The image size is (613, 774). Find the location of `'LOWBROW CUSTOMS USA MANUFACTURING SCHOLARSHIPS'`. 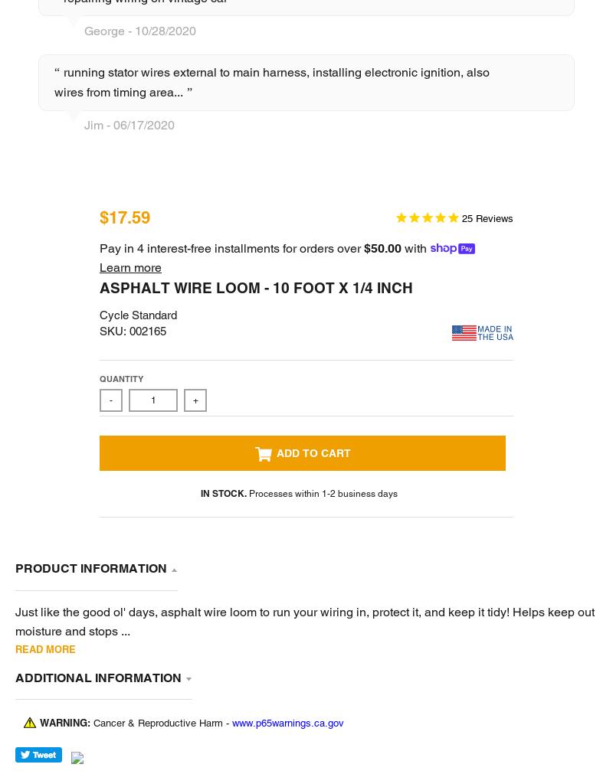

'LOWBROW CUSTOMS USA MANUFACTURING SCHOLARSHIPS' is located at coordinates (240, 473).